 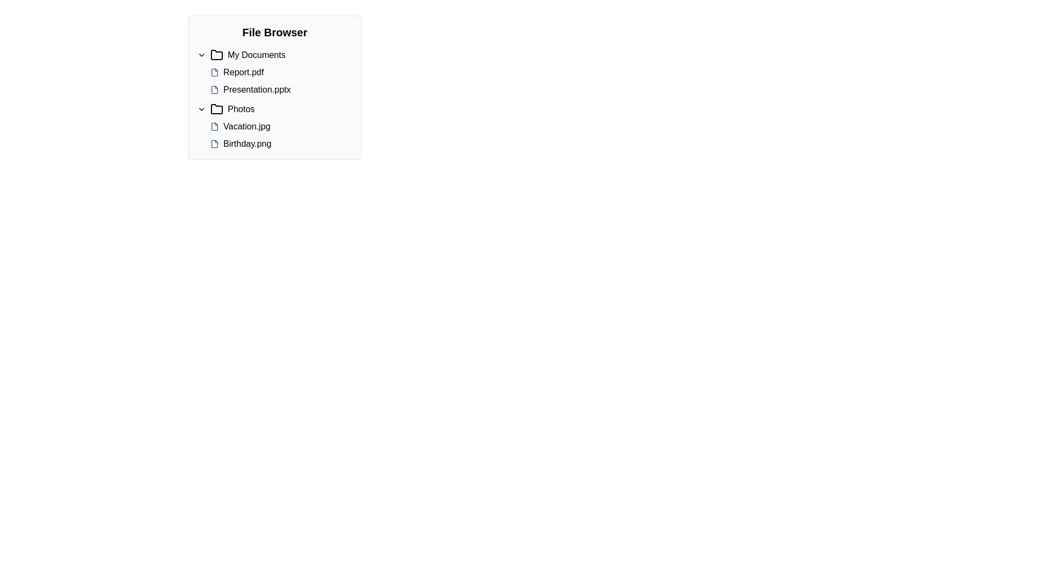 What do you see at coordinates (214, 144) in the screenshot?
I see `the icon representing 'Birthday.png' in the file browser interface` at bounding box center [214, 144].